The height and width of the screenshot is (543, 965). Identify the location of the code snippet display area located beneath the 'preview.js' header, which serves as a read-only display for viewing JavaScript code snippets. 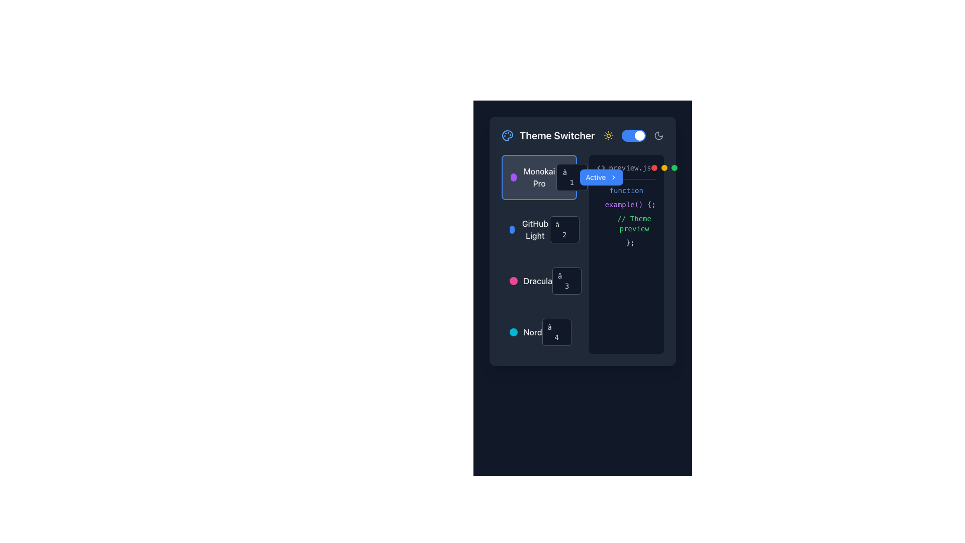
(626, 216).